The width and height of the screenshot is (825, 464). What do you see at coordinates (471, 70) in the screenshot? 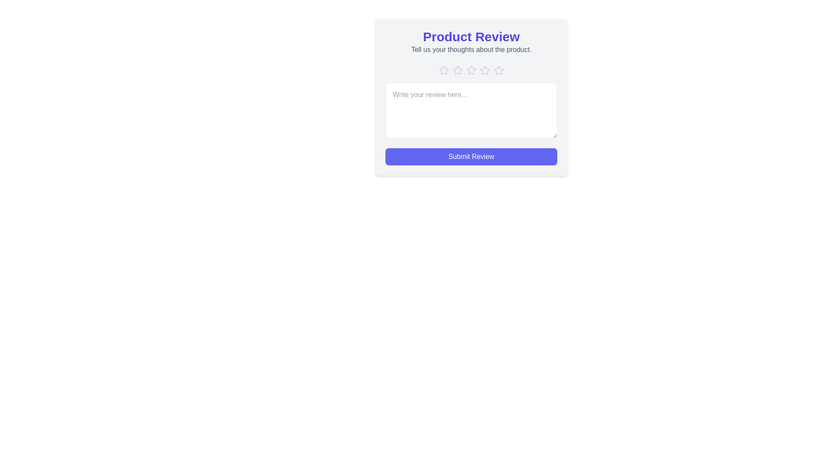
I see `the second star icon from the left, which is used for selecting a rating in the product review system` at bounding box center [471, 70].